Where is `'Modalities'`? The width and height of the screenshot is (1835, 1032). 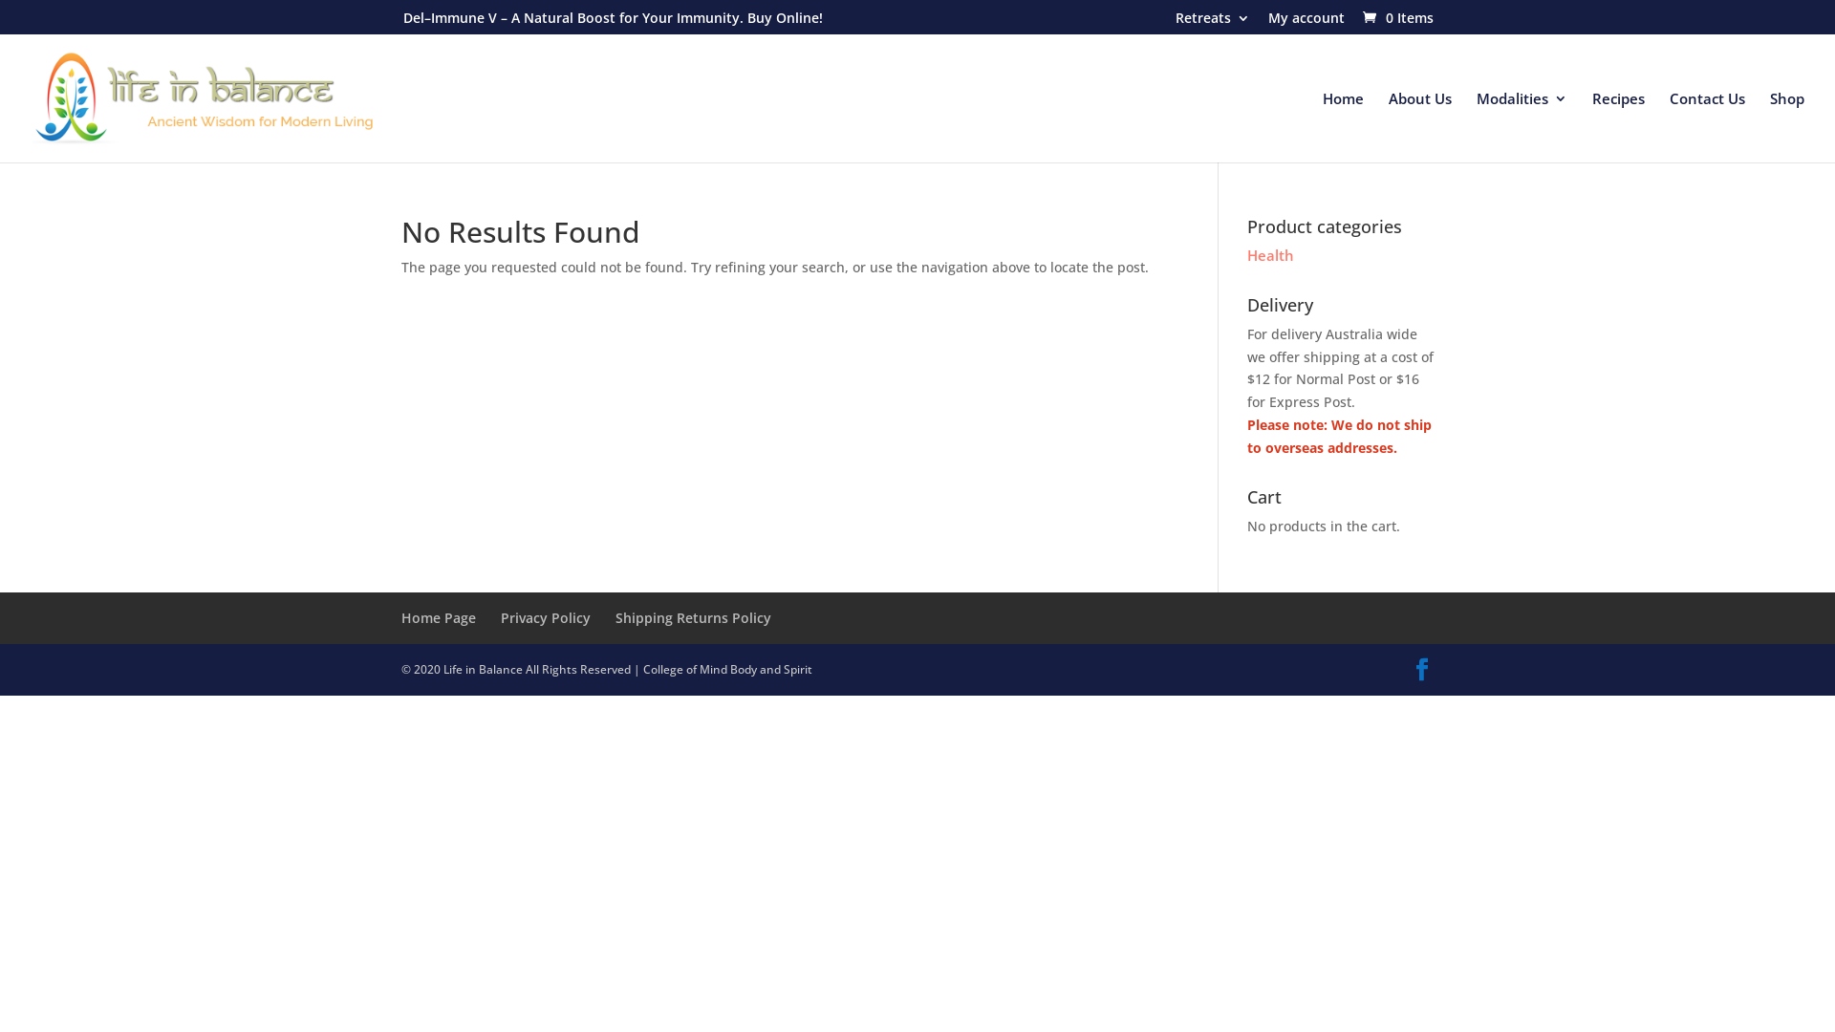 'Modalities' is located at coordinates (1476, 126).